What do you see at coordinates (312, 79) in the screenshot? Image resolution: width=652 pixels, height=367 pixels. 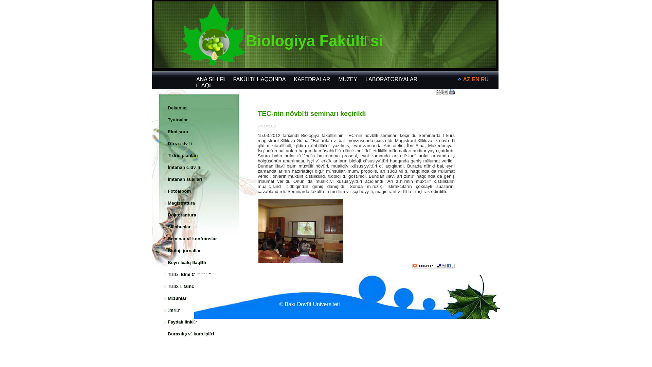 I see `'KAFEDRALAR'` at bounding box center [312, 79].